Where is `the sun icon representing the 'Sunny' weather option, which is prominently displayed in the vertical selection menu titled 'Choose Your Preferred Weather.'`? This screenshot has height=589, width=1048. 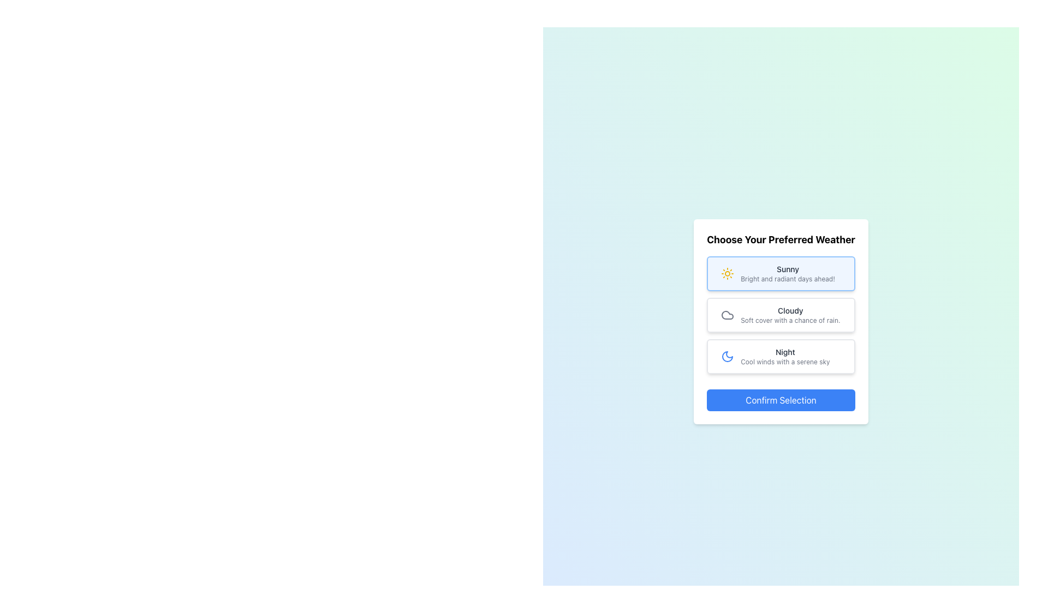 the sun icon representing the 'Sunny' weather option, which is prominently displayed in the vertical selection menu titled 'Choose Your Preferred Weather.' is located at coordinates (728, 273).